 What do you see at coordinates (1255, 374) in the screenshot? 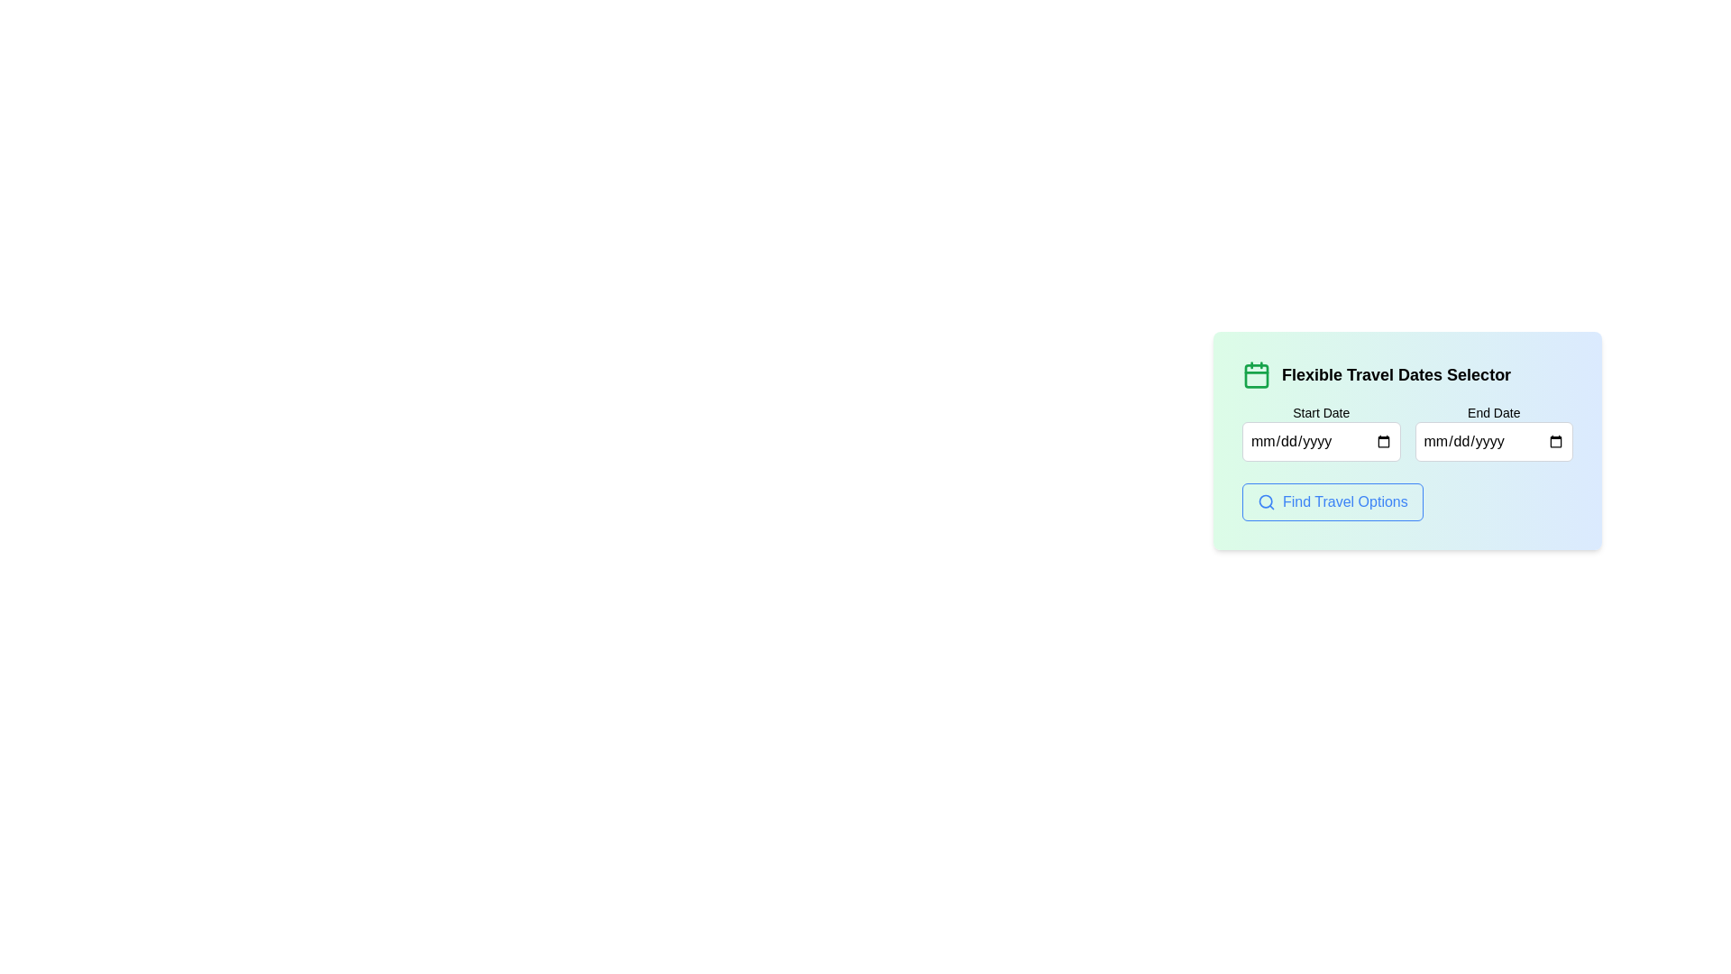
I see `the decorative SVG element within the calendar icon located in the header of the 'Flexible Travel Dates Selector' section` at bounding box center [1255, 374].